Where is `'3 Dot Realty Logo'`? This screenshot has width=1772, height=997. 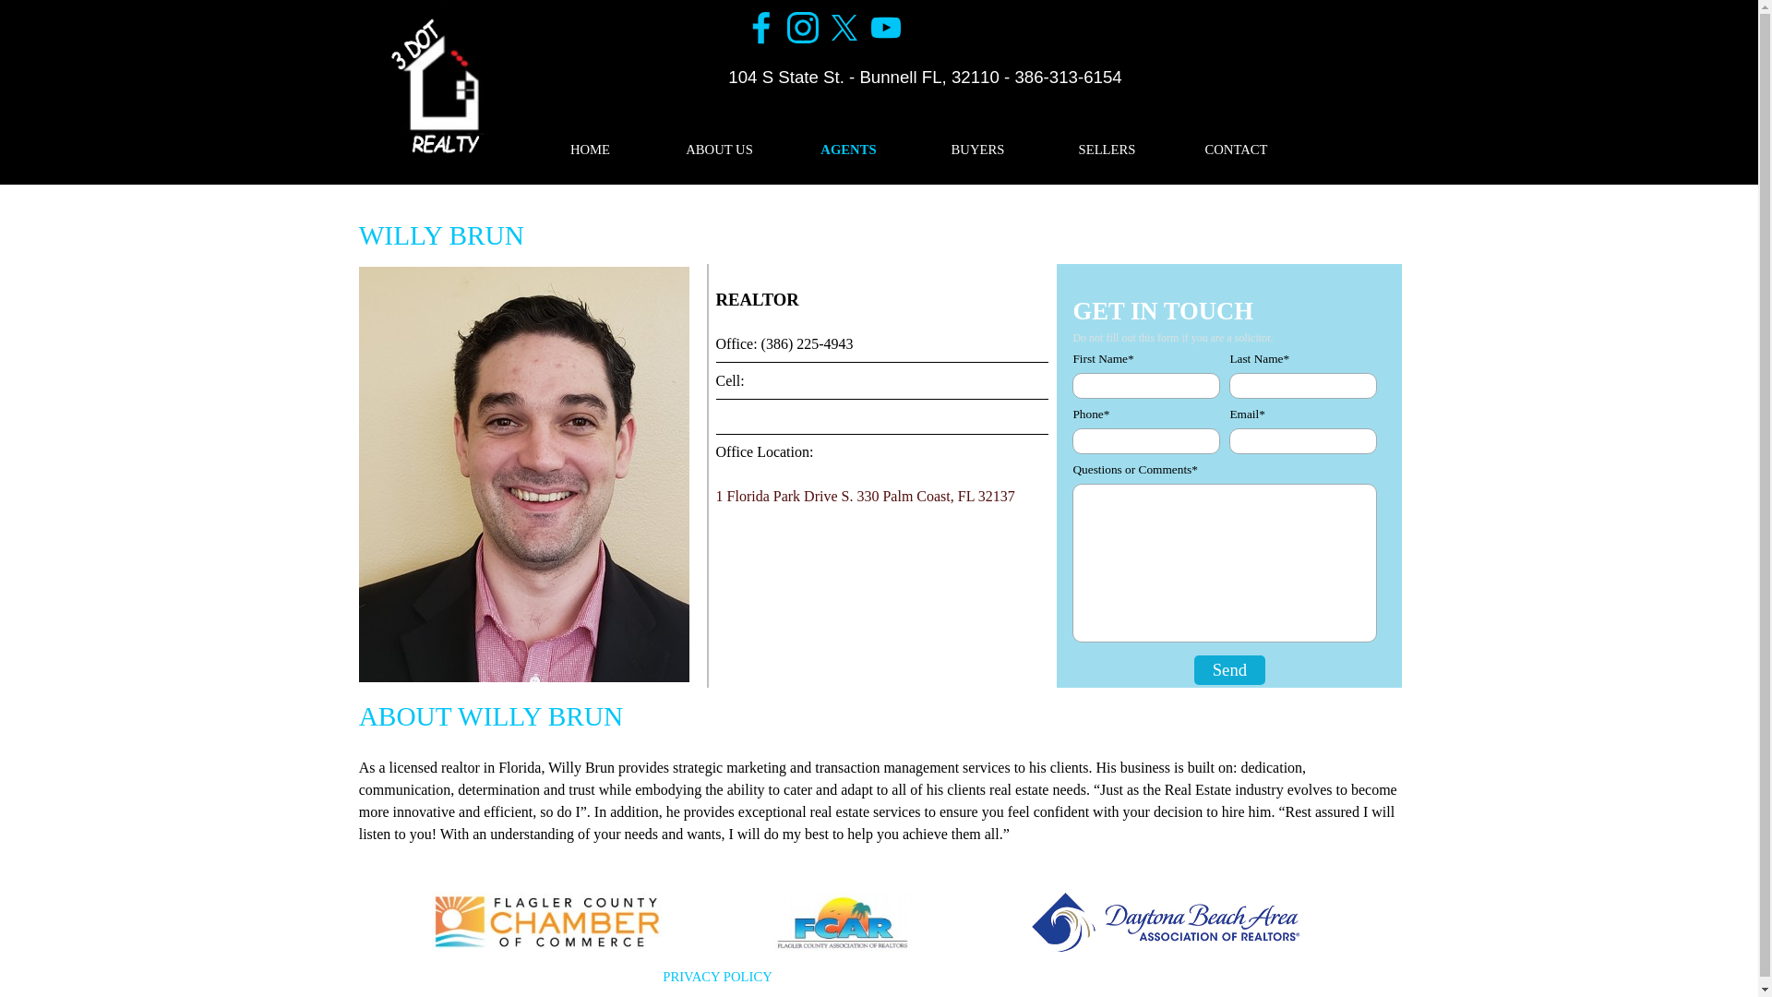
'3 Dot Realty Logo' is located at coordinates (436, 85).